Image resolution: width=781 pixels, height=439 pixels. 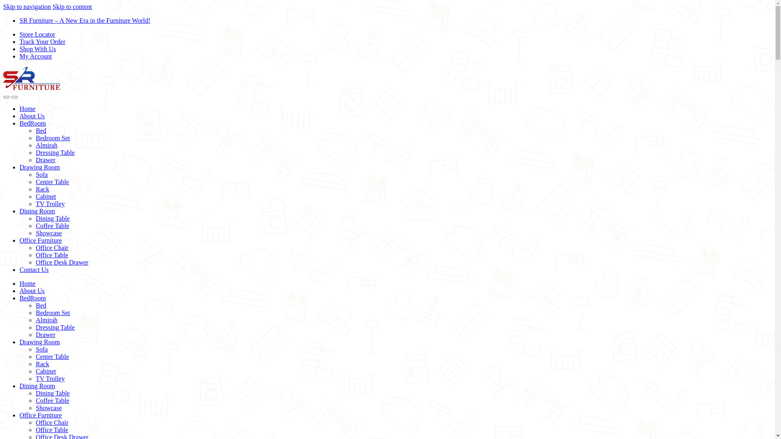 What do you see at coordinates (46, 145) in the screenshot?
I see `'Almirah'` at bounding box center [46, 145].